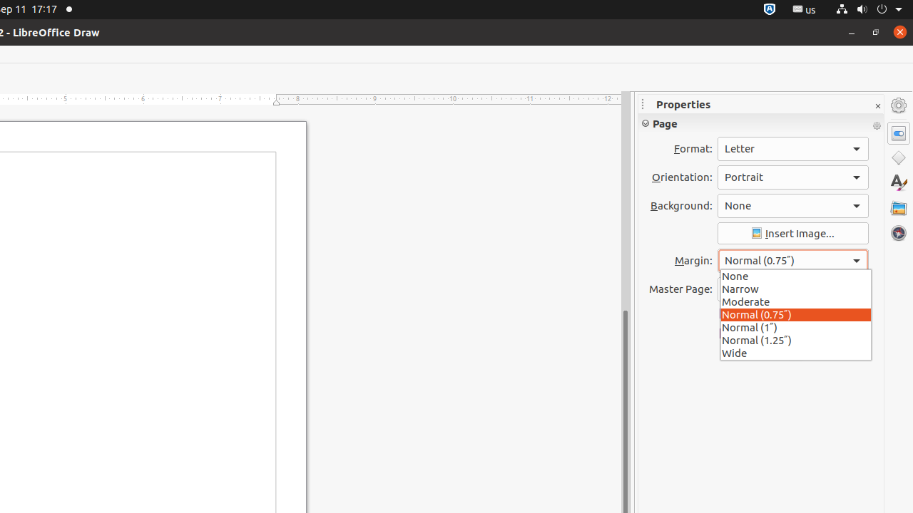  I want to click on 'Normal (1″)', so click(795, 326).